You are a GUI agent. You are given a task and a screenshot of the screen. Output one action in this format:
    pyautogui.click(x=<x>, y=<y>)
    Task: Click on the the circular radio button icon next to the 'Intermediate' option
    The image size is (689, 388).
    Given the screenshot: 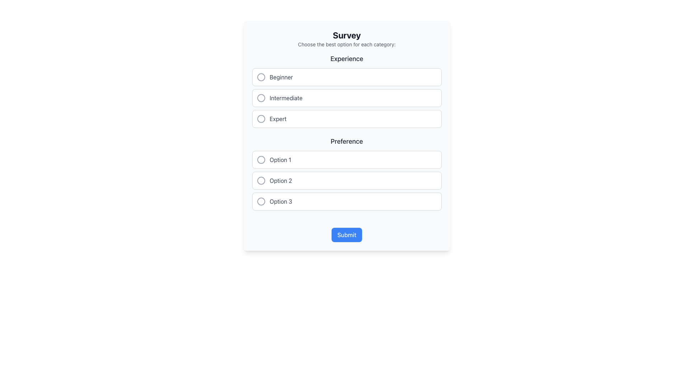 What is the action you would take?
    pyautogui.click(x=261, y=98)
    